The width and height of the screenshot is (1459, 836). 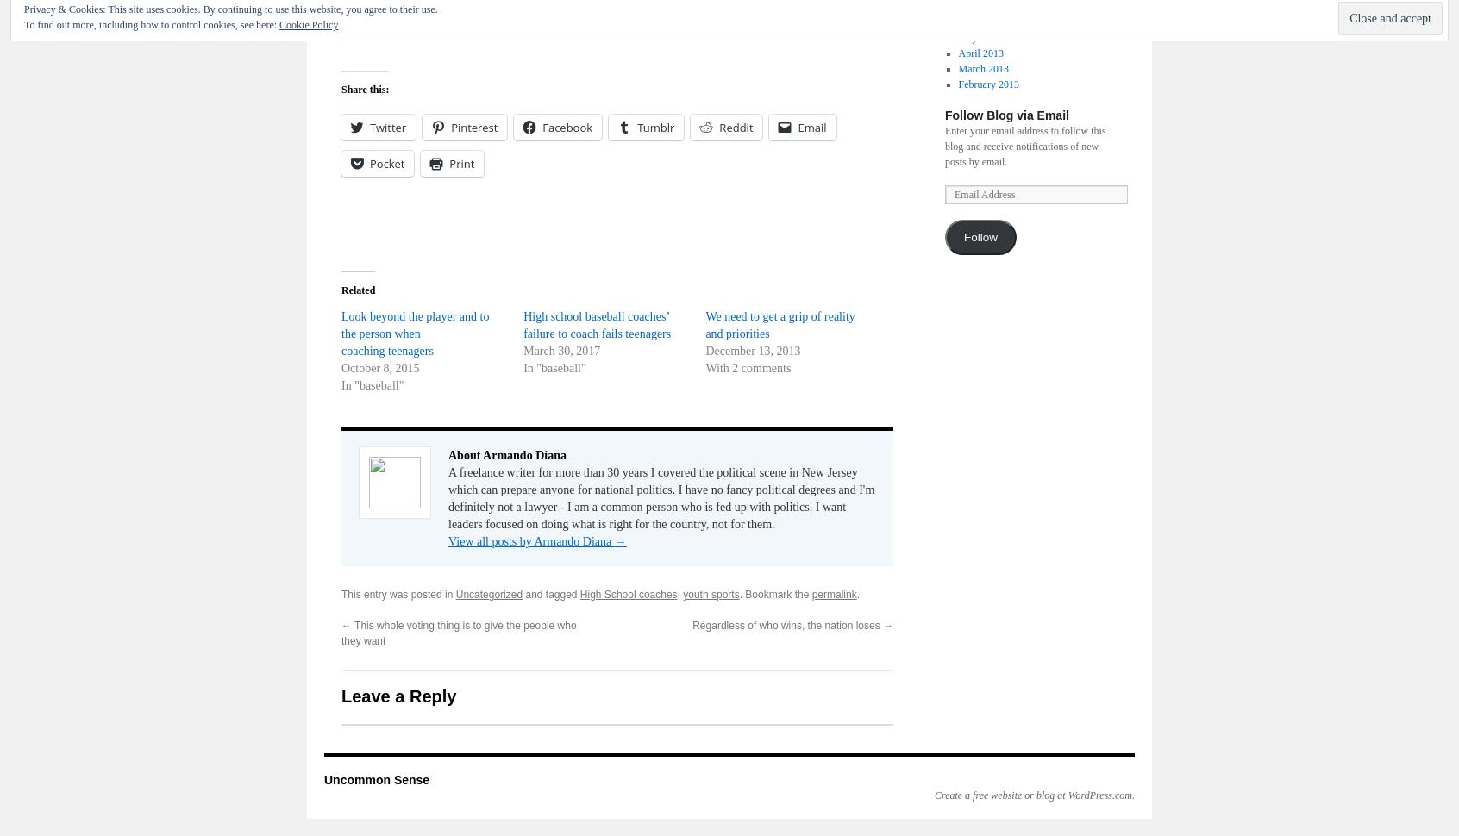 I want to click on 'Follow Blog via Email', so click(x=1005, y=115).